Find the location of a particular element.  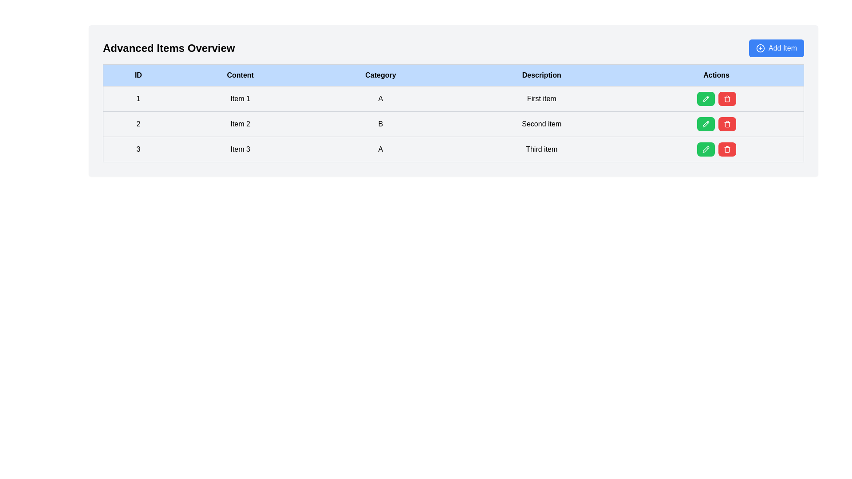

the delete button icon located in the last cell of the 'Actions' column for the third item in the table to invoke a delete action is located at coordinates (727, 149).